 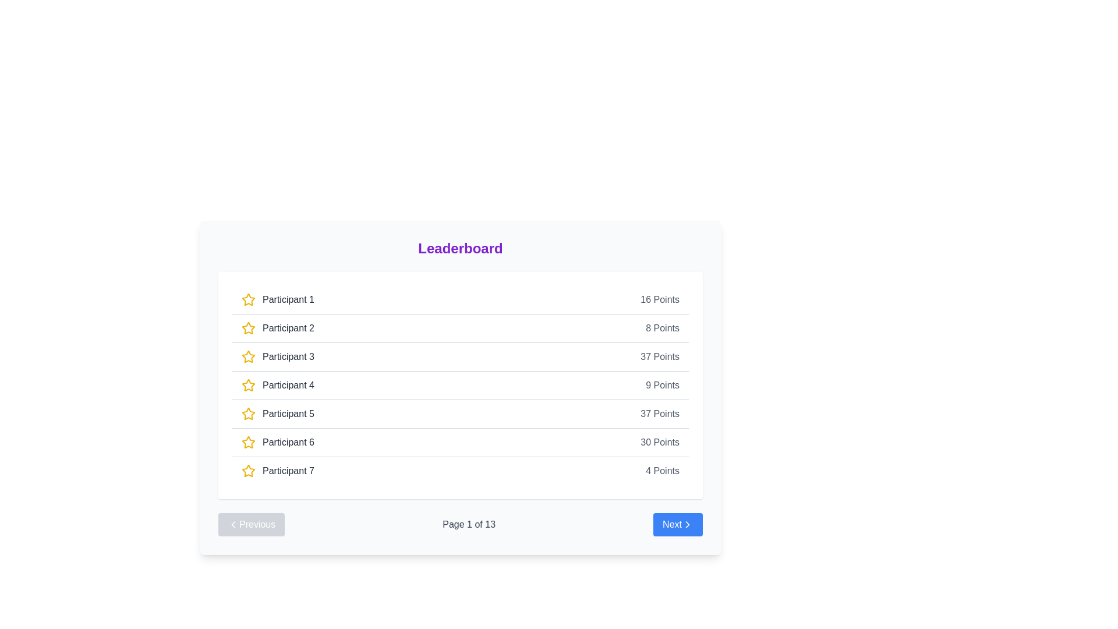 What do you see at coordinates (277, 442) in the screenshot?
I see `the content of the text label indicating the sixth participant in the leaderboard, which is located in the sixth row, aligned with a yellow star icon on the left and '30 Points' on the right` at bounding box center [277, 442].